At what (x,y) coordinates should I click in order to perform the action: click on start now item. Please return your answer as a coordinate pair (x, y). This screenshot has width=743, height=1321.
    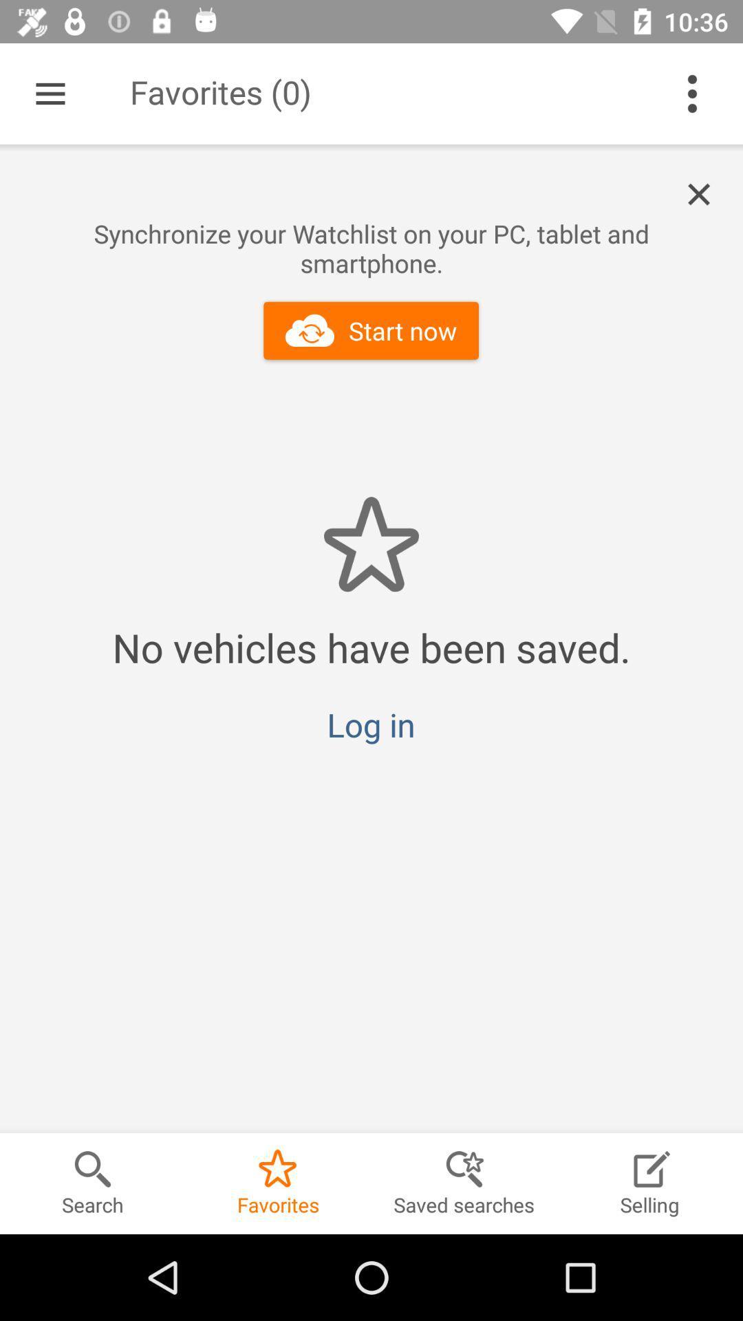
    Looking at the image, I should click on (370, 330).